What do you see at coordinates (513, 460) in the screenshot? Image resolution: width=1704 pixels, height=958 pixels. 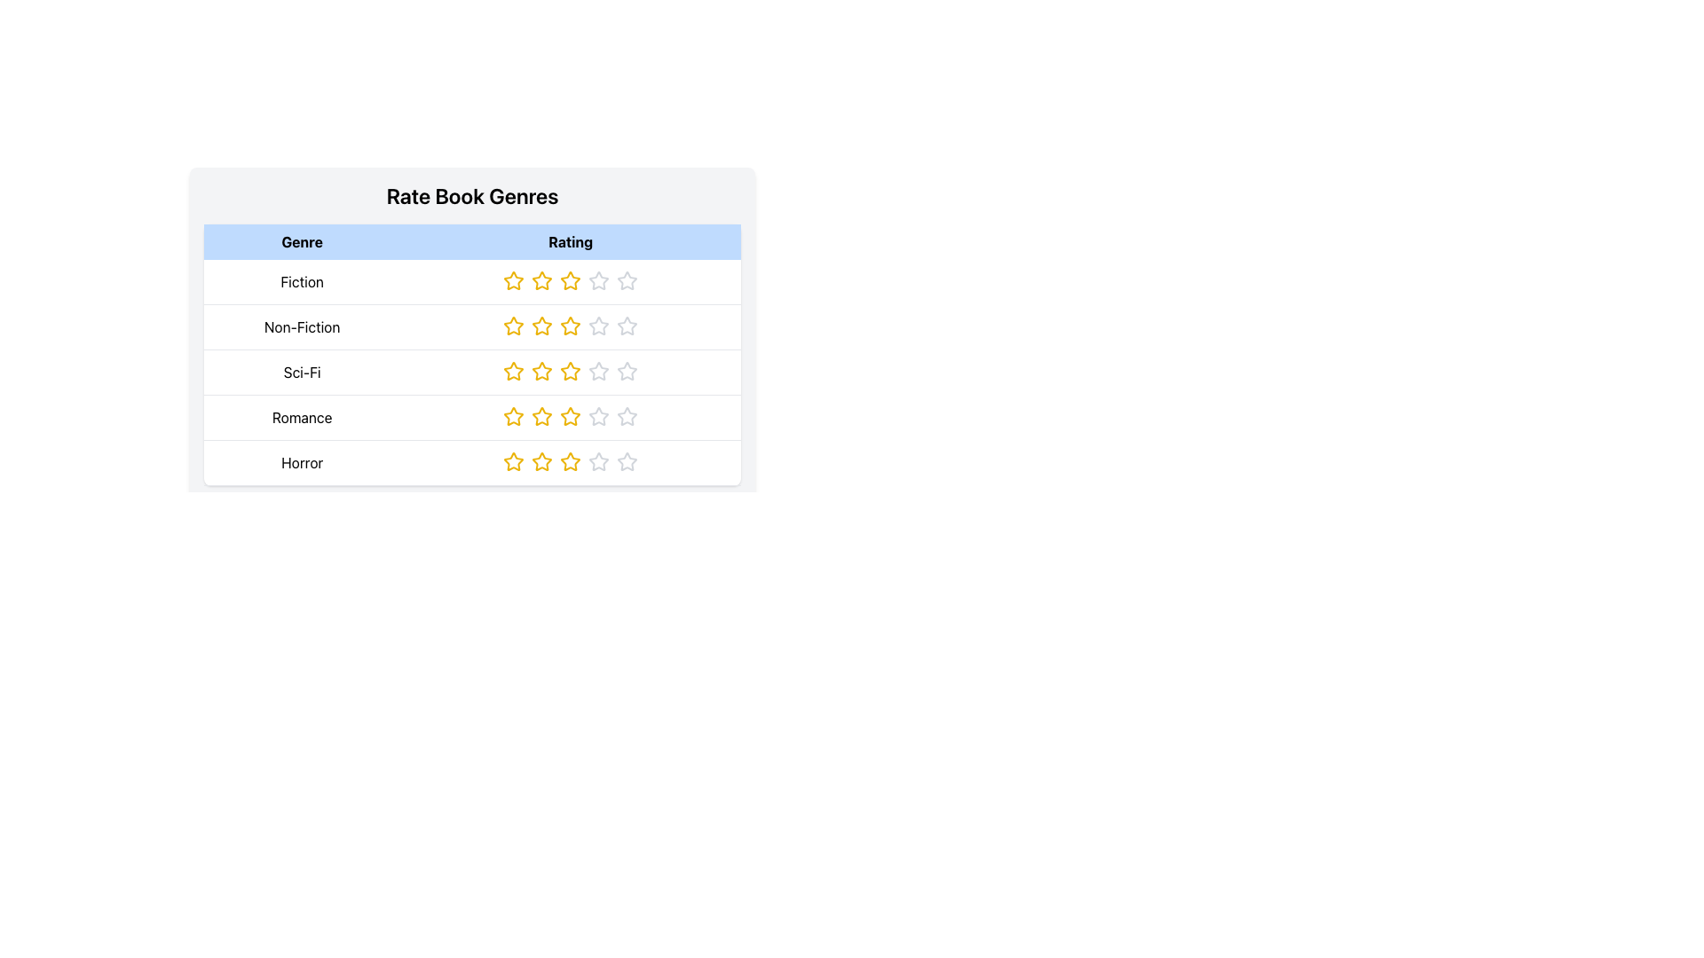 I see `the first yellow star icon used for rating in the Horror genre row under the Rating column in the Rate Book Genres table` at bounding box center [513, 460].